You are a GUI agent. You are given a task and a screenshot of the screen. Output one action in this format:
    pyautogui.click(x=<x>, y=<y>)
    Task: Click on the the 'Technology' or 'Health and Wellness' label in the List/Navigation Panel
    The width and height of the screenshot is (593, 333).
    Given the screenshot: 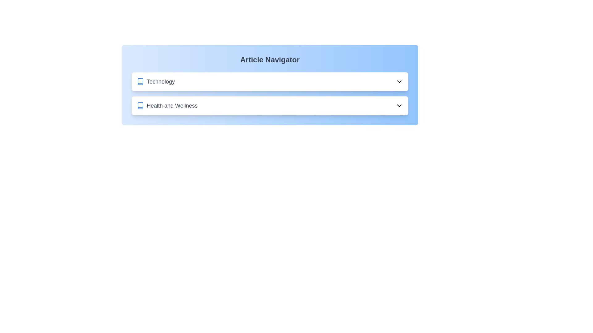 What is the action you would take?
    pyautogui.click(x=270, y=94)
    